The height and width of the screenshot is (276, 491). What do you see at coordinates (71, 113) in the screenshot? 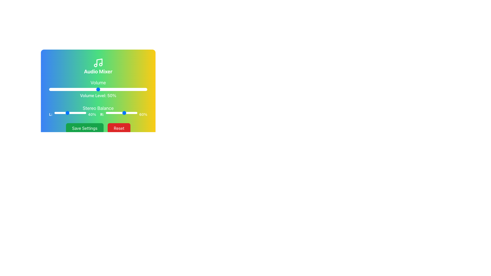
I see `the left stereo balance` at bounding box center [71, 113].